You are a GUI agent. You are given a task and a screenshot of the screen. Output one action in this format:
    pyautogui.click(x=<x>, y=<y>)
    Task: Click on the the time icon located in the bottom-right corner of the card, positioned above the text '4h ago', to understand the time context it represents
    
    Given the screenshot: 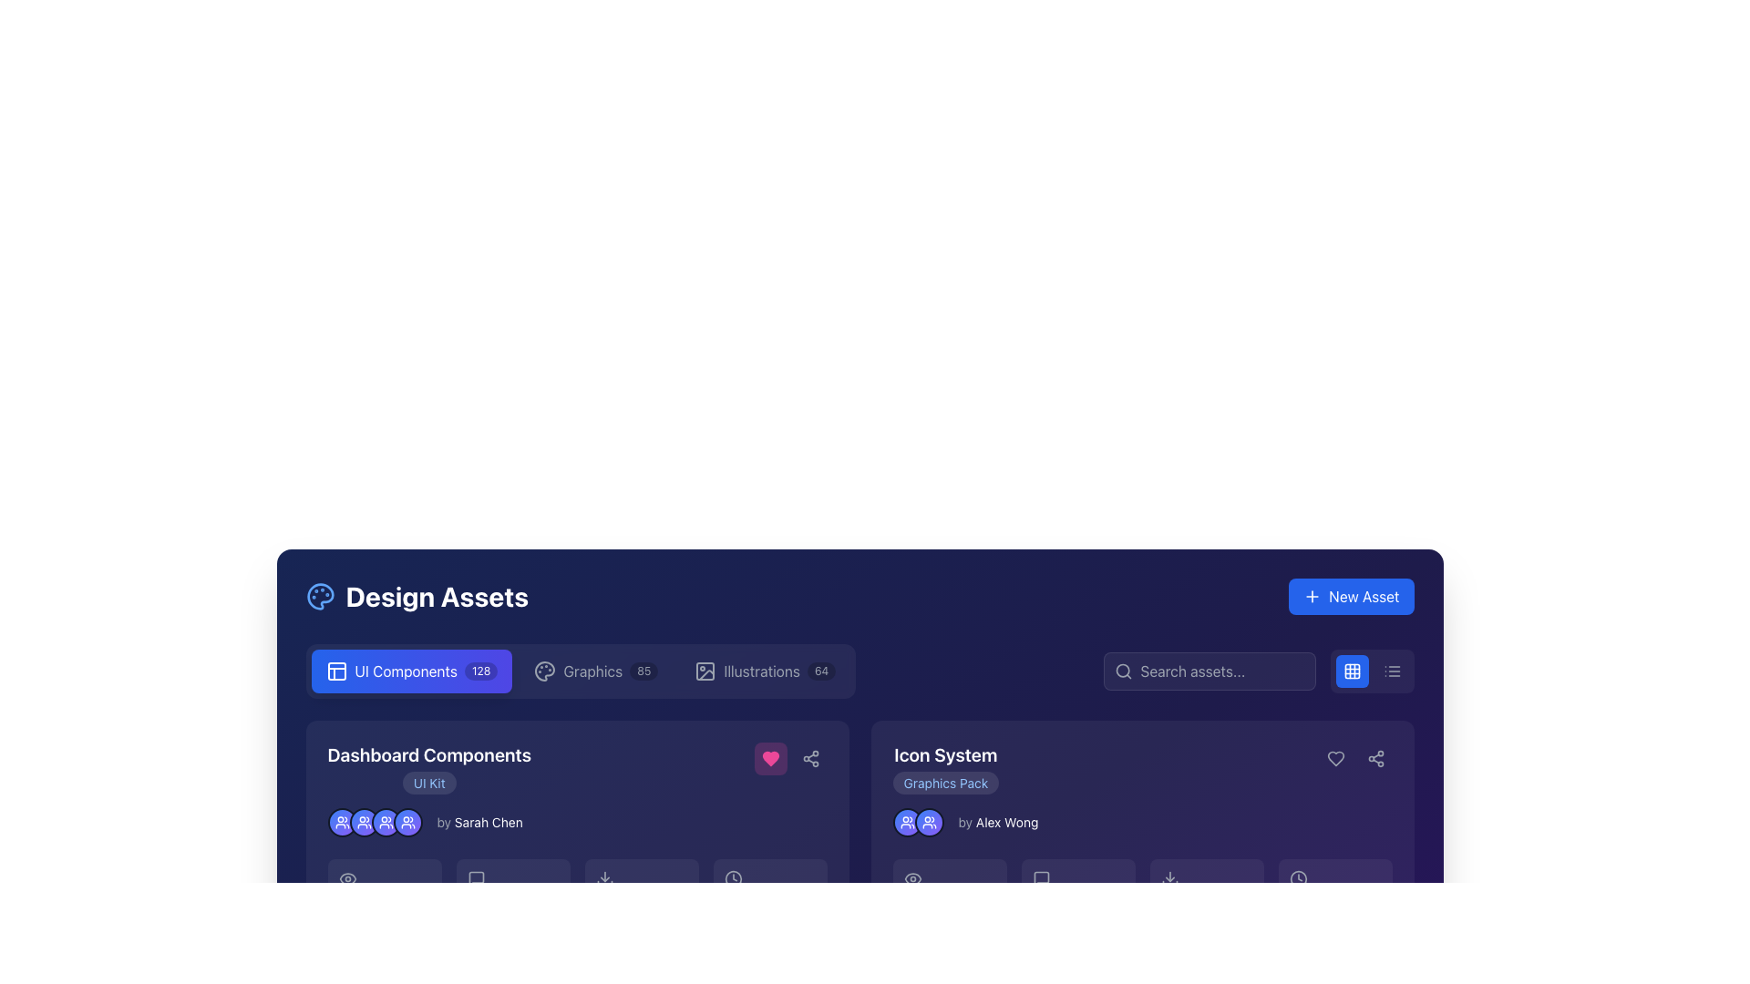 What is the action you would take?
    pyautogui.click(x=1297, y=877)
    